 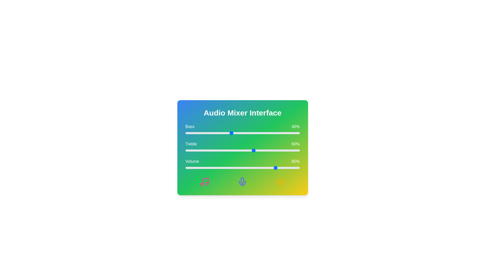 What do you see at coordinates (242, 113) in the screenshot?
I see `the title 'Audio Mixer Interface' located at the center of the component` at bounding box center [242, 113].